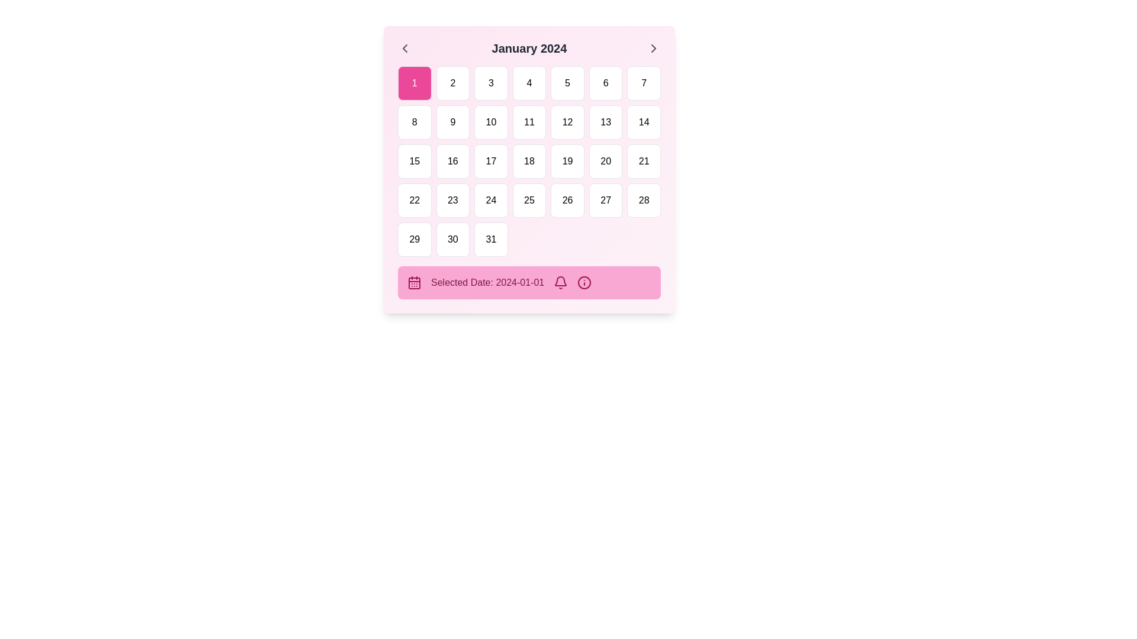  Describe the element at coordinates (606, 162) in the screenshot. I see `the calendar day box displaying the number '20'` at that location.